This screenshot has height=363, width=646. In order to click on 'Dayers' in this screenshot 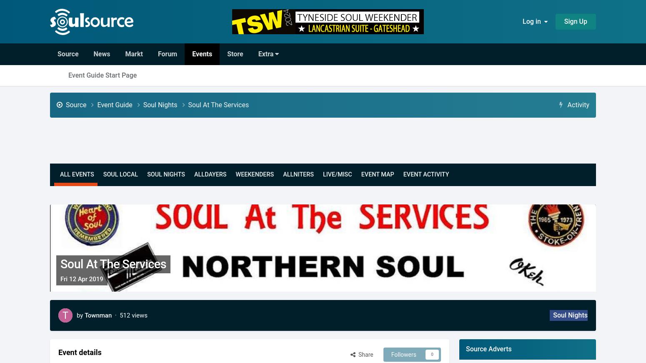, I will do `click(204, 174)`.